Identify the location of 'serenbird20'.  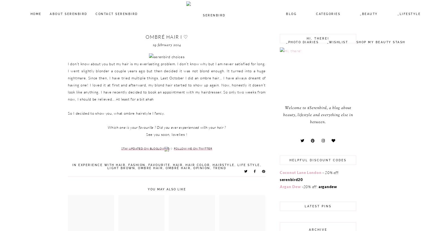
(291, 179).